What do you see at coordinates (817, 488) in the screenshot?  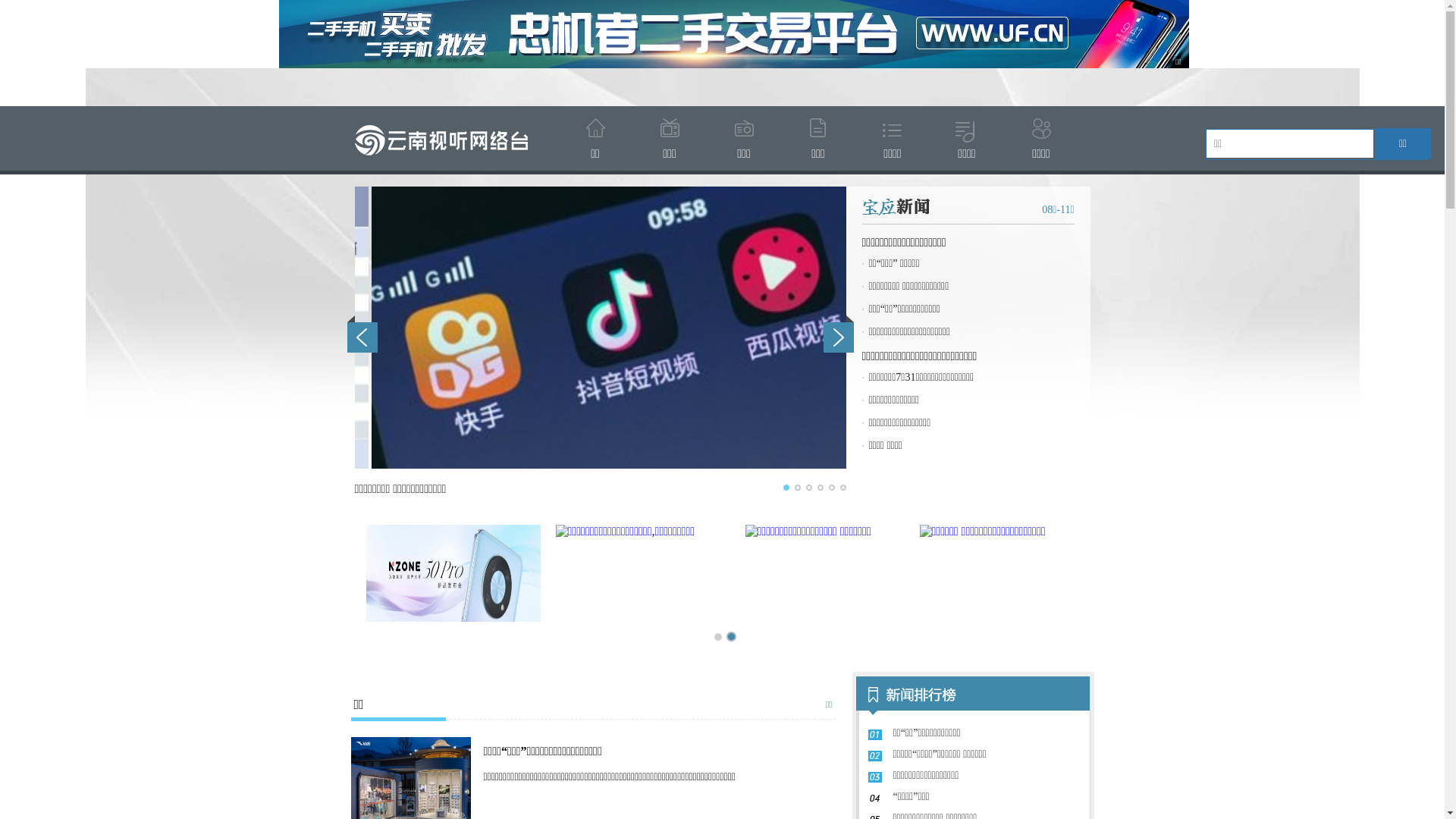 I see `'4'` at bounding box center [817, 488].